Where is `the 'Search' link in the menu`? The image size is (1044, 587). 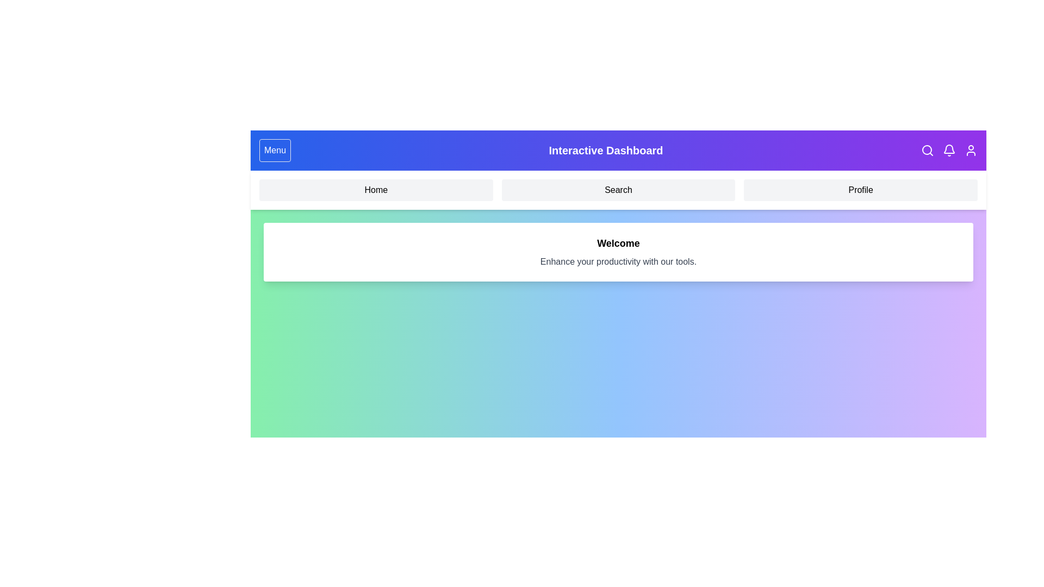
the 'Search' link in the menu is located at coordinates (618, 190).